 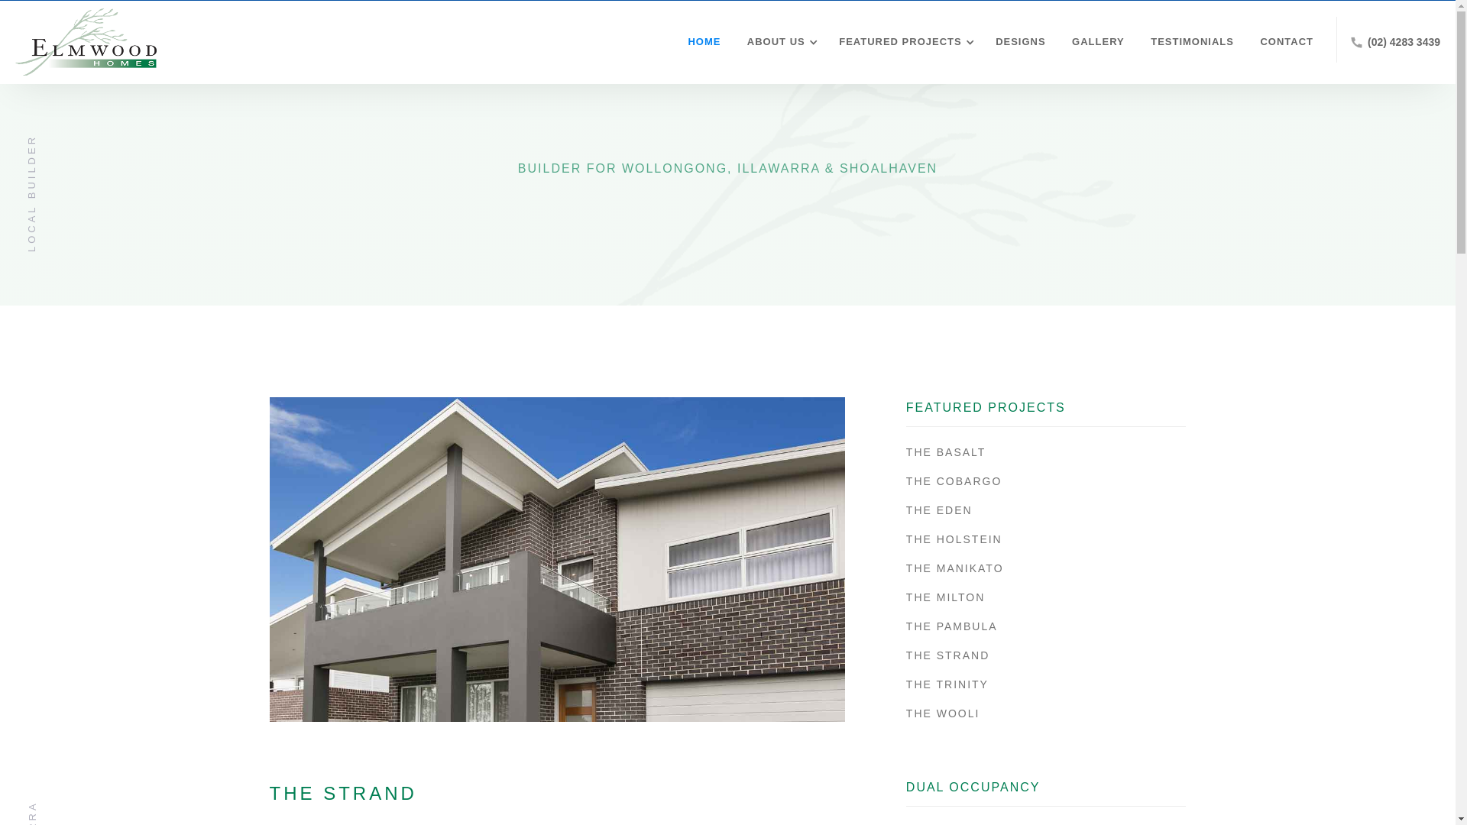 What do you see at coordinates (1045, 683) in the screenshot?
I see `'THE TRINITY'` at bounding box center [1045, 683].